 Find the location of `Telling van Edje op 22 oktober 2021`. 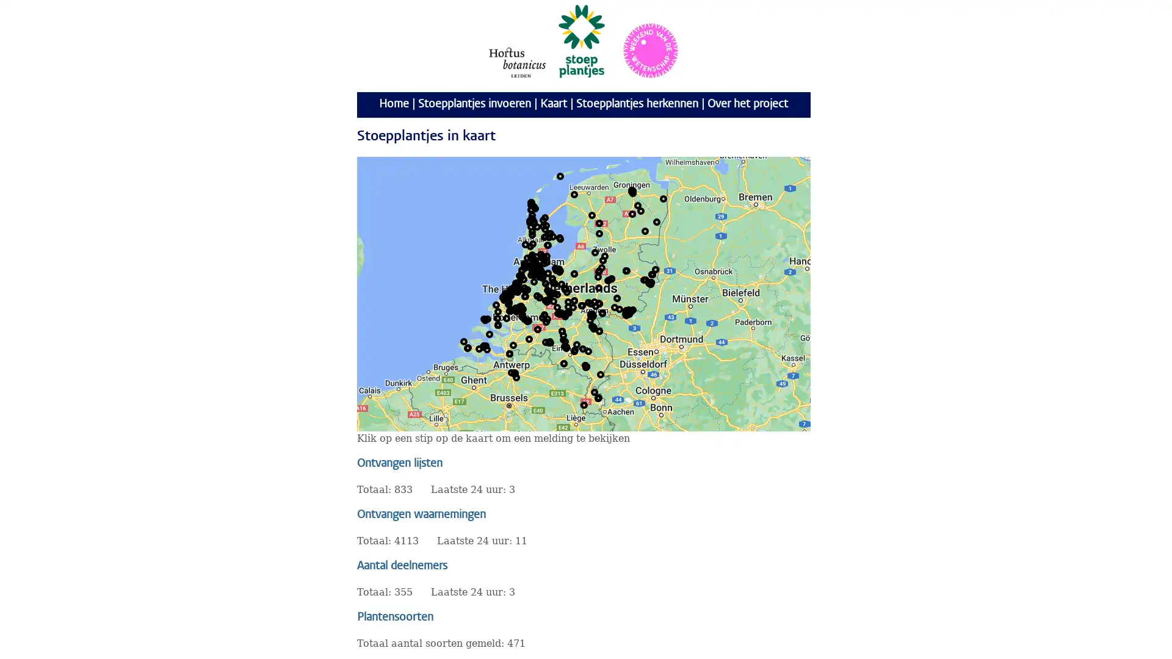

Telling van Edje op 22 oktober 2021 is located at coordinates (556, 306).